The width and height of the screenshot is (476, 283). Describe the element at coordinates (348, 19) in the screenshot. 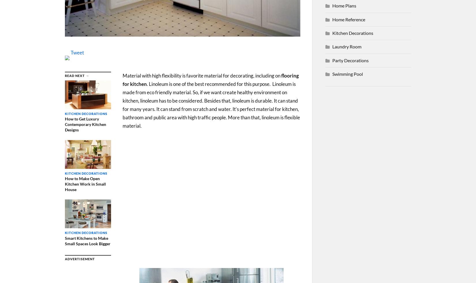

I see `'Home Reference'` at that location.